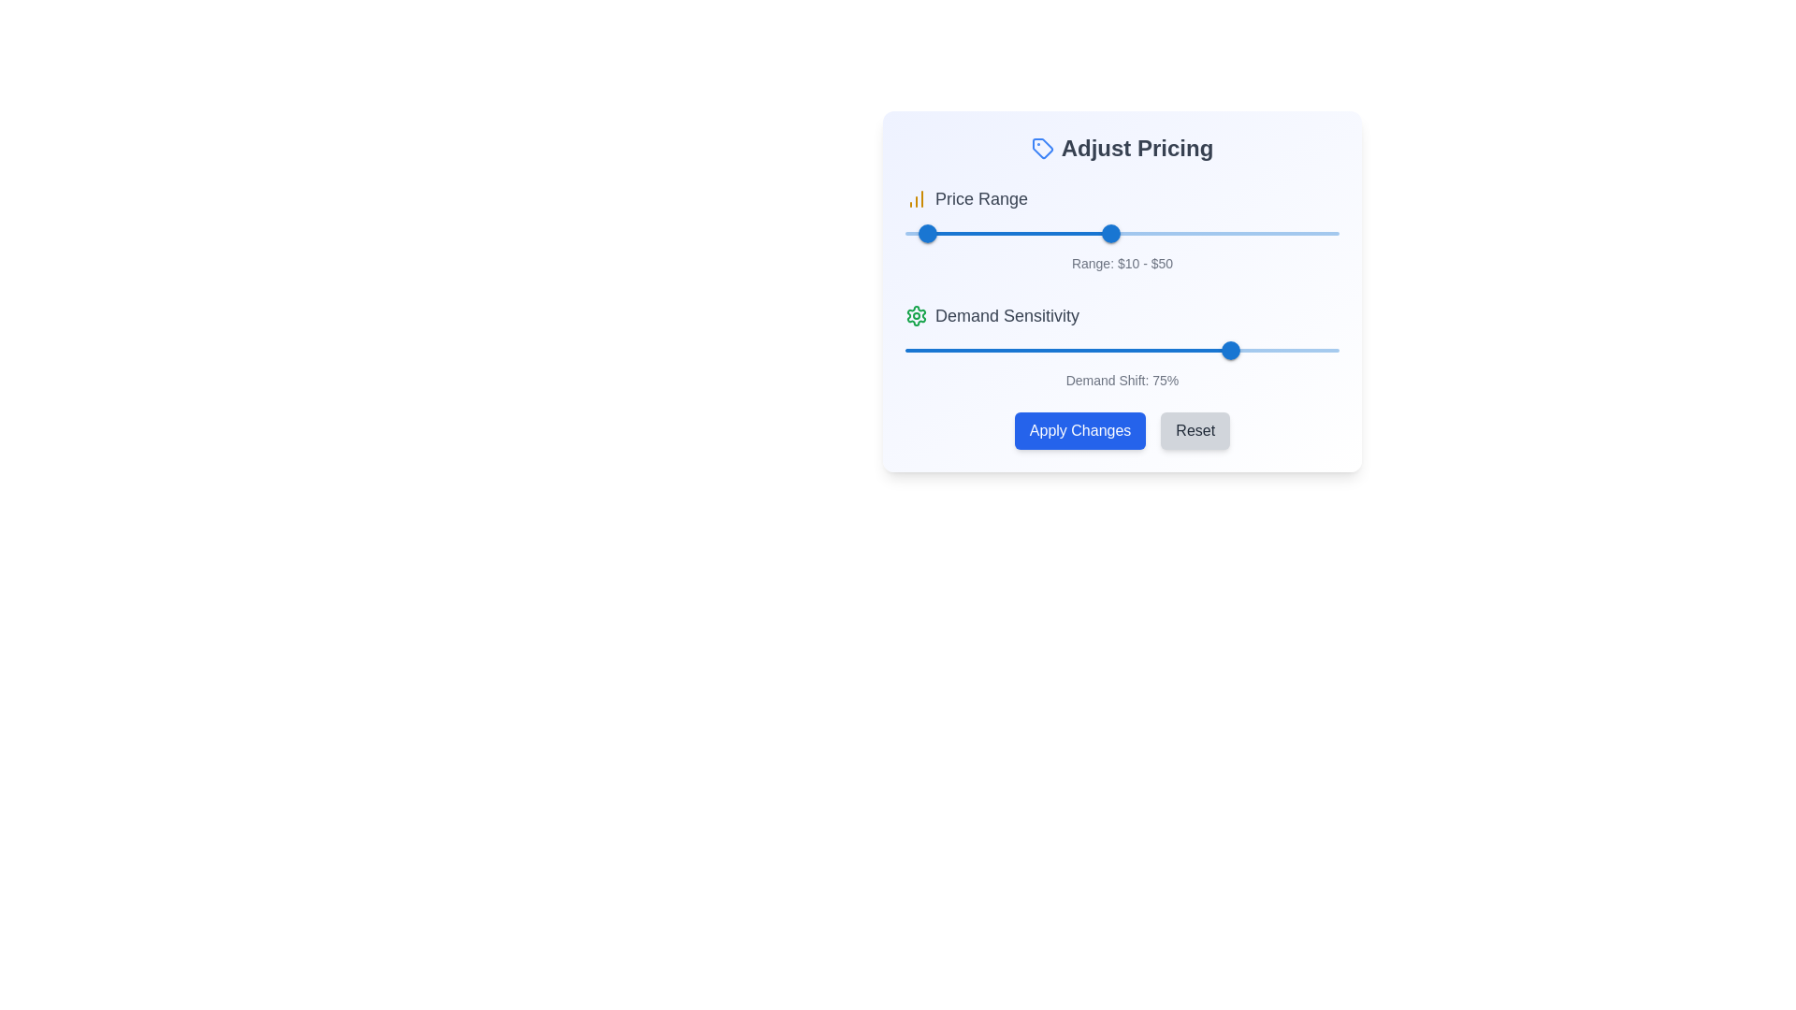 This screenshot has width=1796, height=1010. Describe the element at coordinates (965, 233) in the screenshot. I see `the Price Range slider` at that location.